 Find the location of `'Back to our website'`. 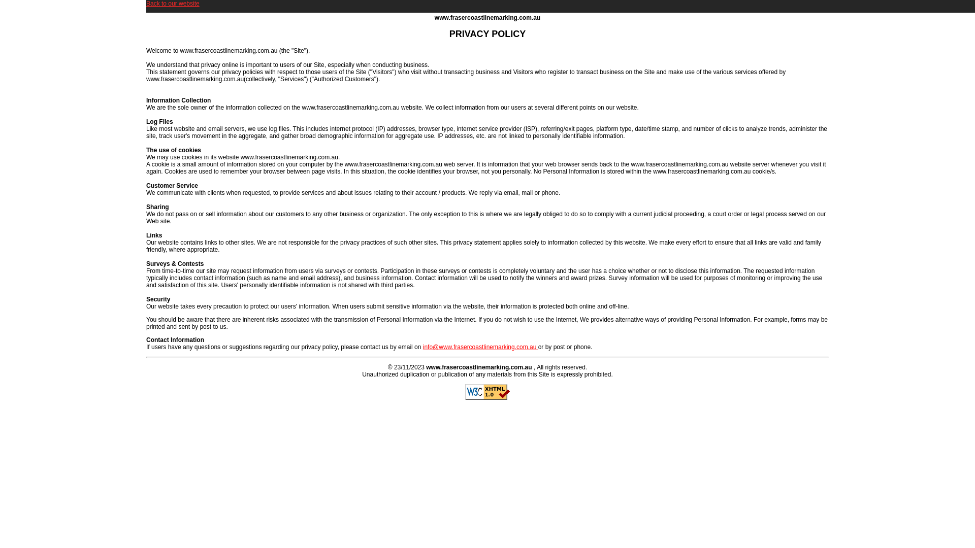

'Back to our website' is located at coordinates (173, 4).